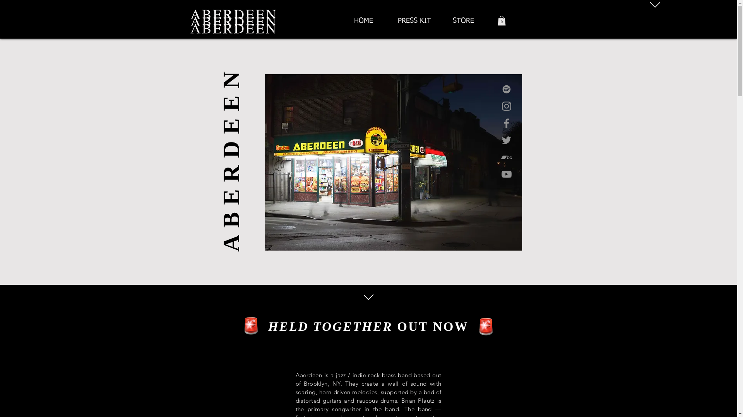  I want to click on 'STORE', so click(464, 20).